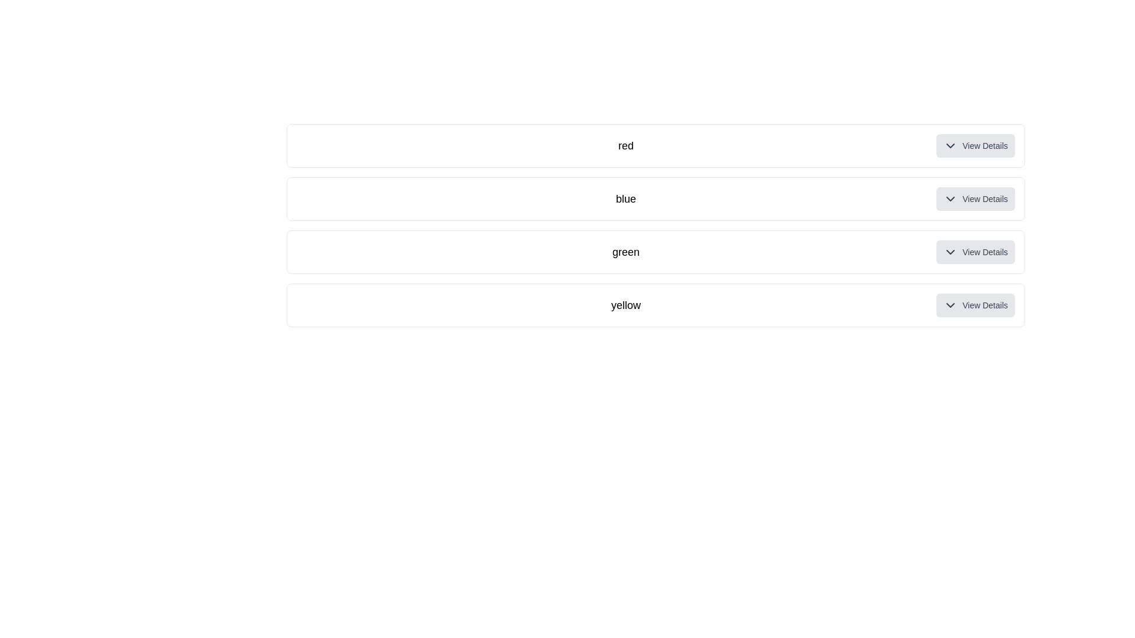 The width and height of the screenshot is (1135, 638). I want to click on the chevron icon located inside the 'View Details' button, aligned with the row labeled 'red', so click(951, 145).